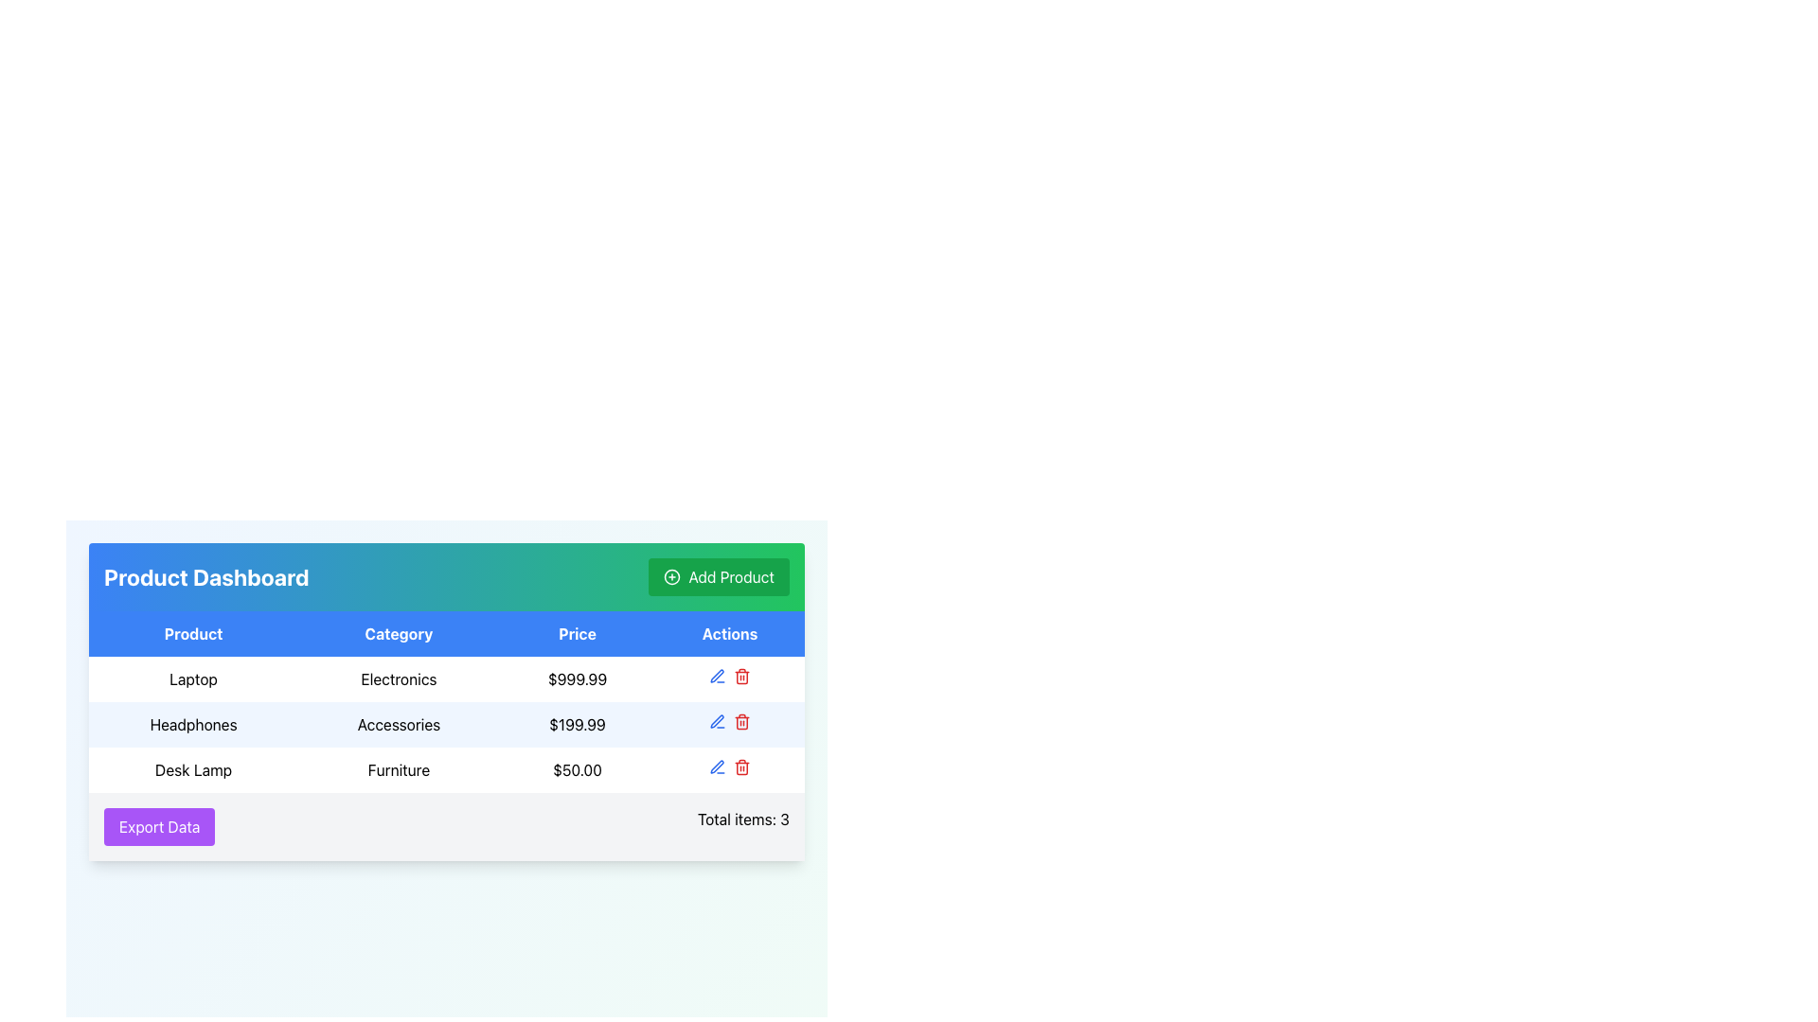 The height and width of the screenshot is (1022, 1818). Describe the element at coordinates (717, 675) in the screenshot. I see `the blue pen icon button in the 'Actions' column for the 'Electronics' product row to initiate editing` at that location.